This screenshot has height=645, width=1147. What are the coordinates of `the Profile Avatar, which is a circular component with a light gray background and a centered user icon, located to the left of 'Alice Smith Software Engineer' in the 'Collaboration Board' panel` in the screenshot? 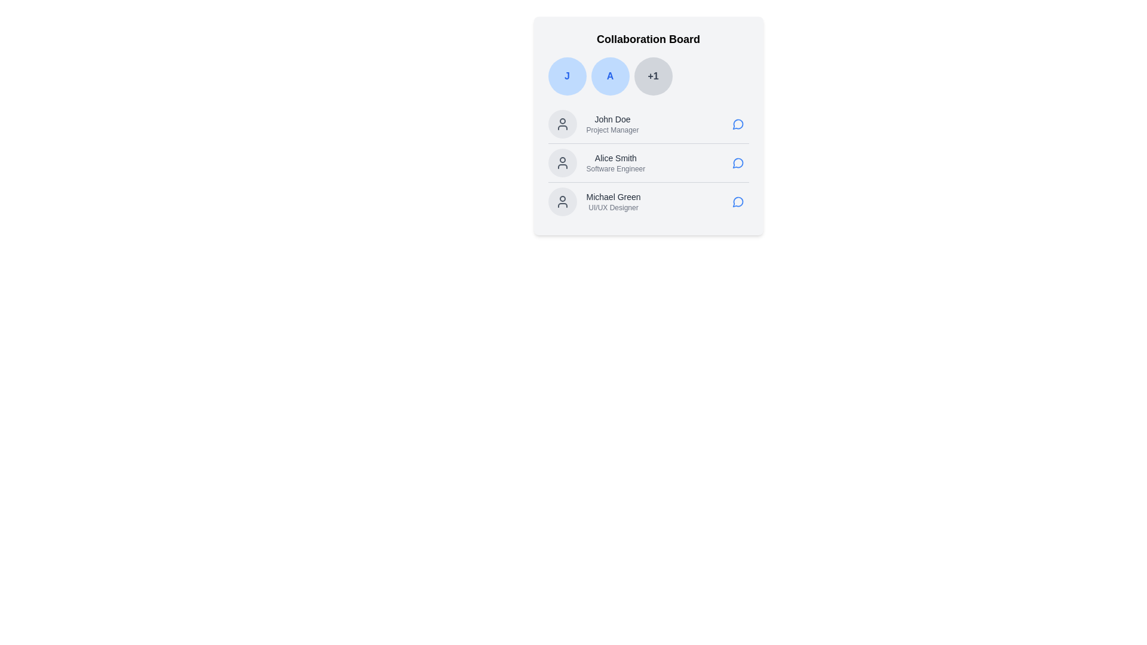 It's located at (562, 163).